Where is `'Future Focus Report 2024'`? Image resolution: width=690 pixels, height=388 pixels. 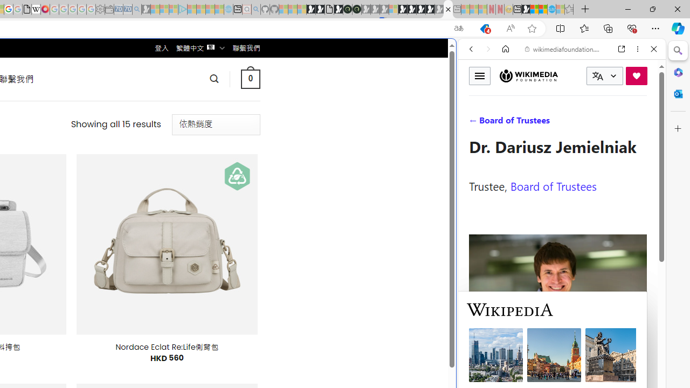 'Future Focus Report 2024' is located at coordinates (356, 9).